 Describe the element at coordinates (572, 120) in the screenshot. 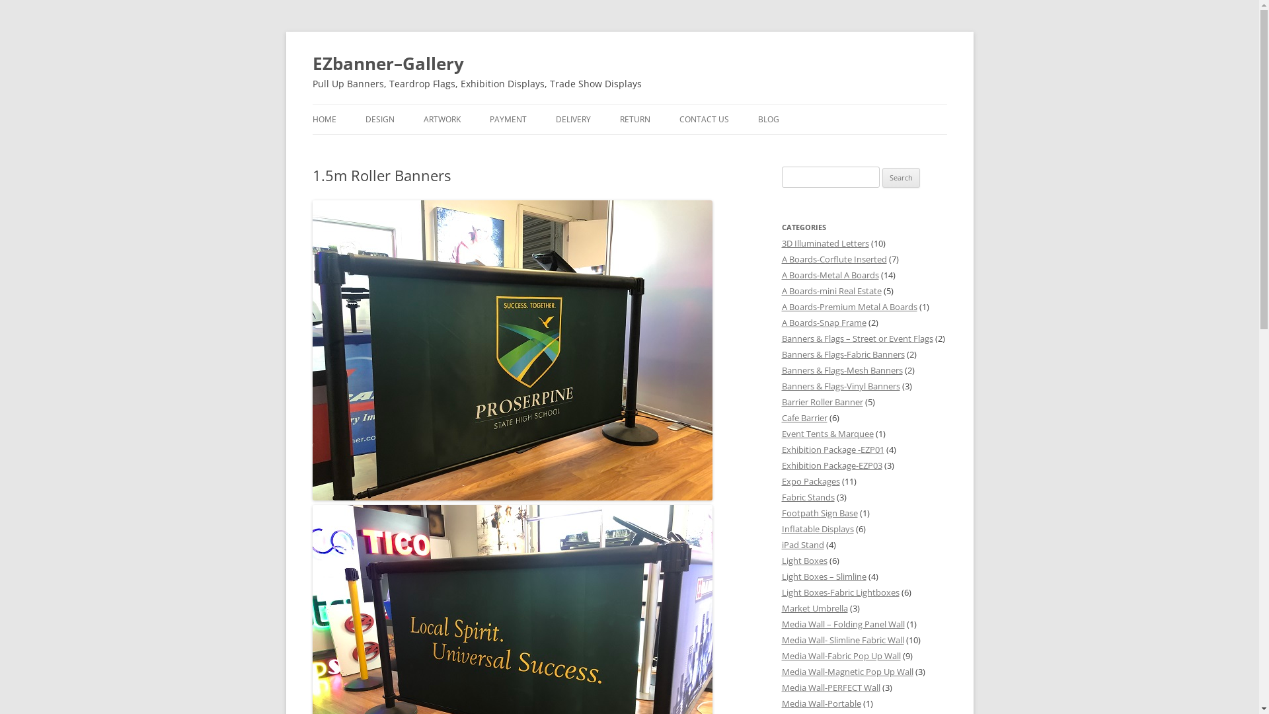

I see `'DELIVERY'` at that location.